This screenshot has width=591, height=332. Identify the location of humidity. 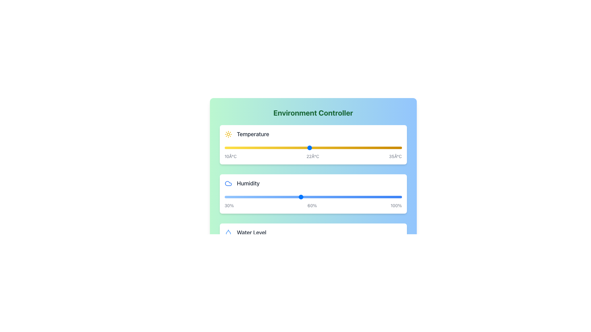
(305, 197).